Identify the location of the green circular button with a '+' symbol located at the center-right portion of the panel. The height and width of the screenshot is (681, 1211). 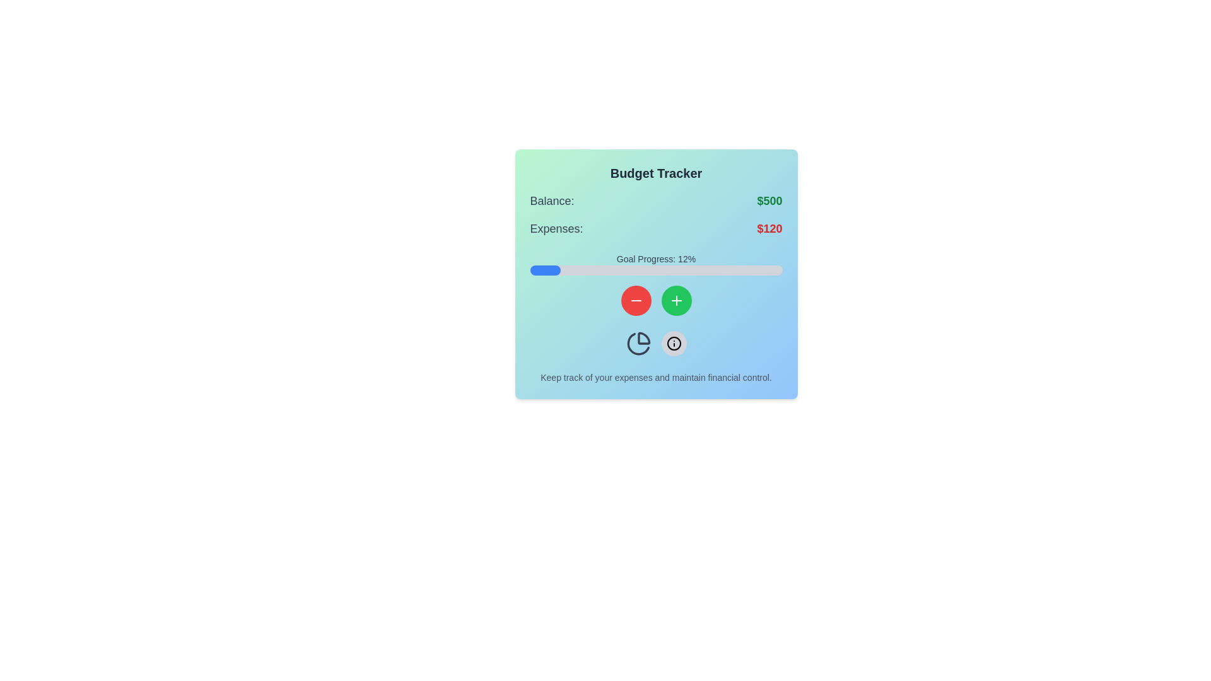
(676, 301).